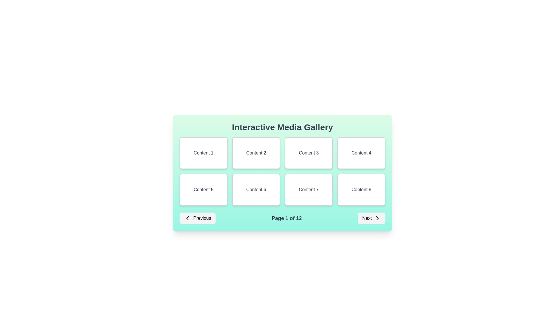  What do you see at coordinates (198, 218) in the screenshot?
I see `the navigation button located at the bottom-left corner of the pagination bar` at bounding box center [198, 218].